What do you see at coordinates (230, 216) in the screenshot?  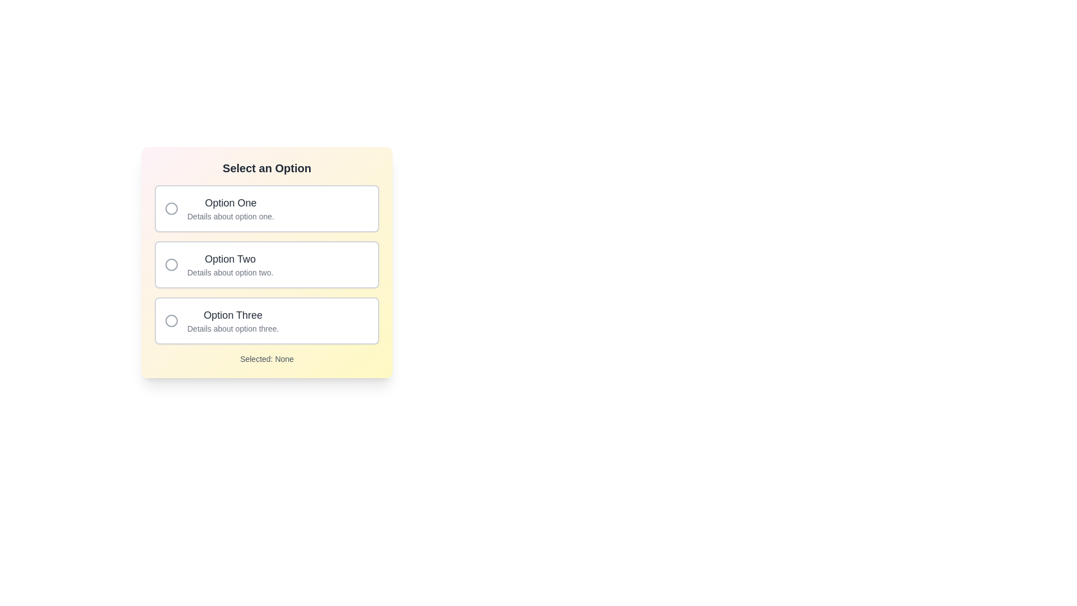 I see `the text label displaying 'Details about option one.' which is positioned below the header 'Option One' within the first option block` at bounding box center [230, 216].